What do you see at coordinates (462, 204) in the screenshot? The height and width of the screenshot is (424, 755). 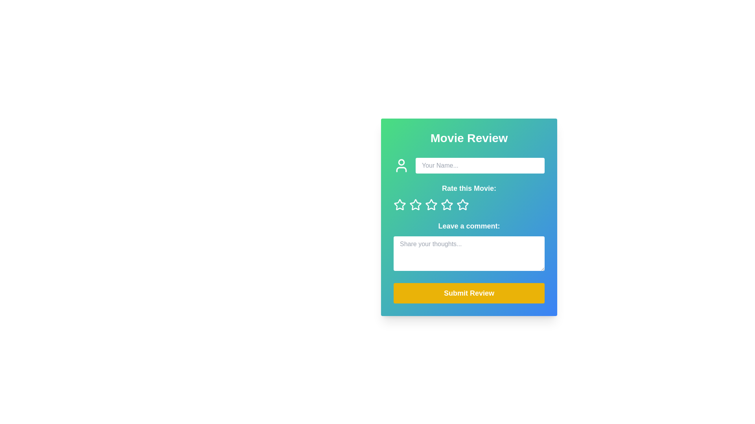 I see `on the fifth unfilled star icon used for rating movies, located below the 'Rate this Movie:' text` at bounding box center [462, 204].